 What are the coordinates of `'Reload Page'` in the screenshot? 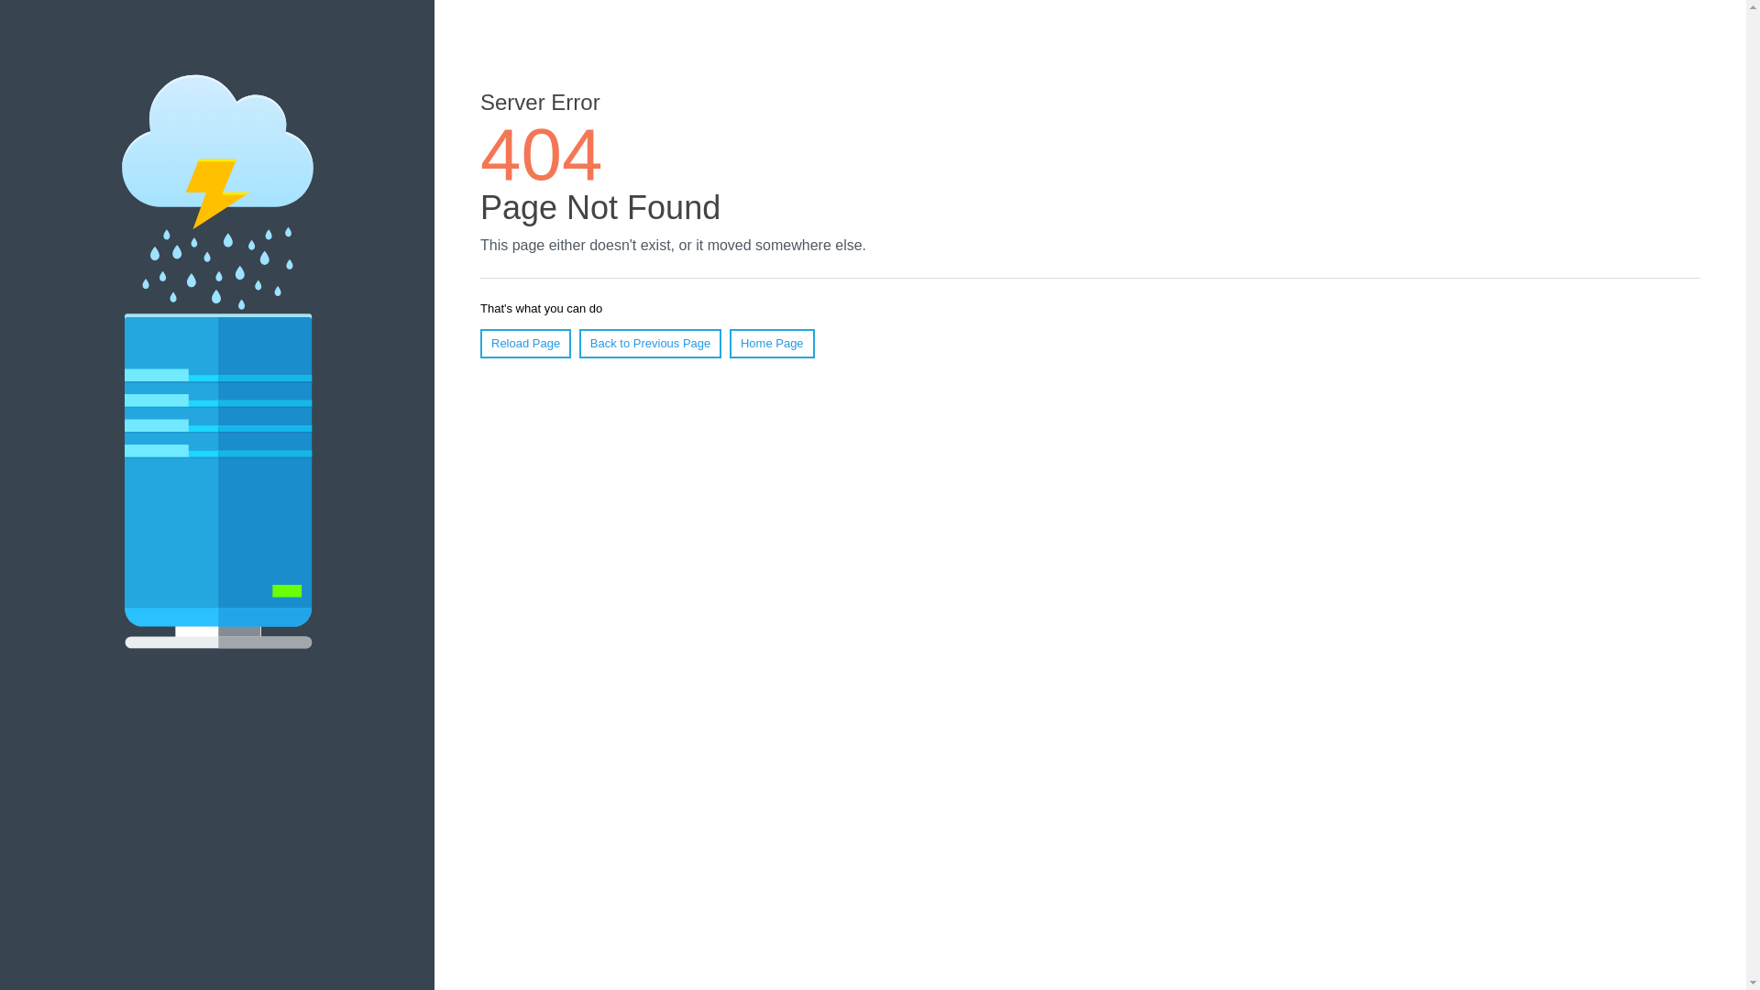 It's located at (524, 343).